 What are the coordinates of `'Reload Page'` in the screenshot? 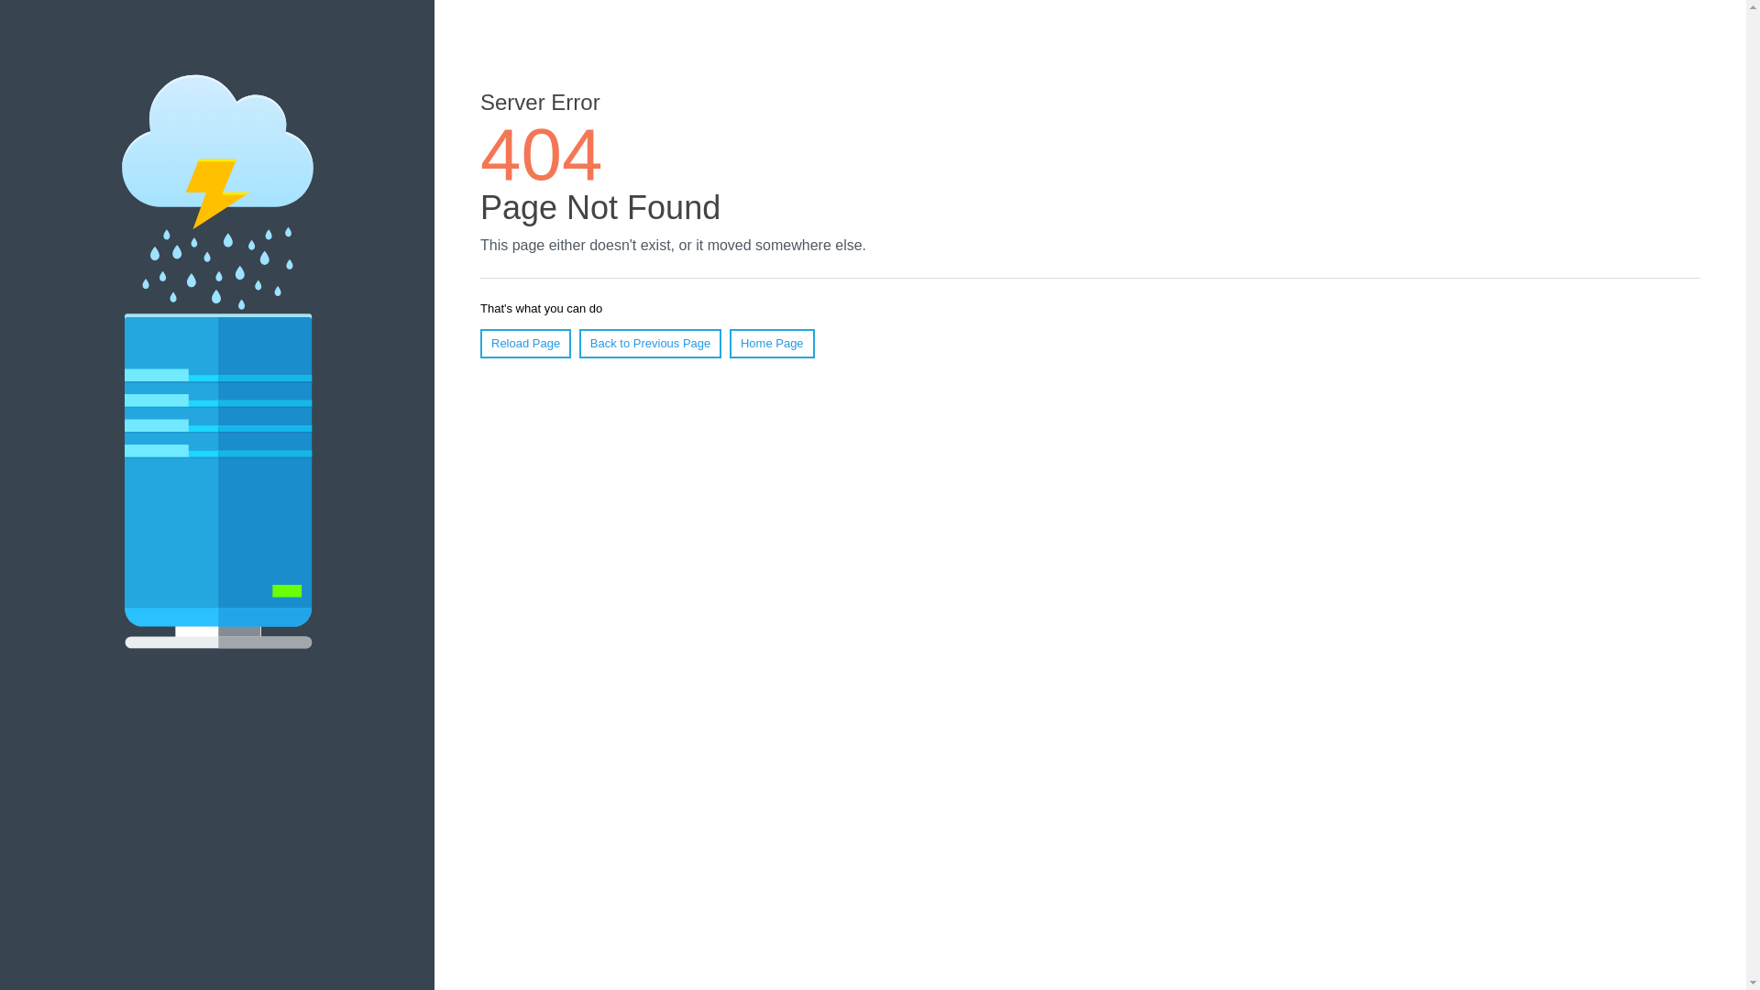 It's located at (524, 343).